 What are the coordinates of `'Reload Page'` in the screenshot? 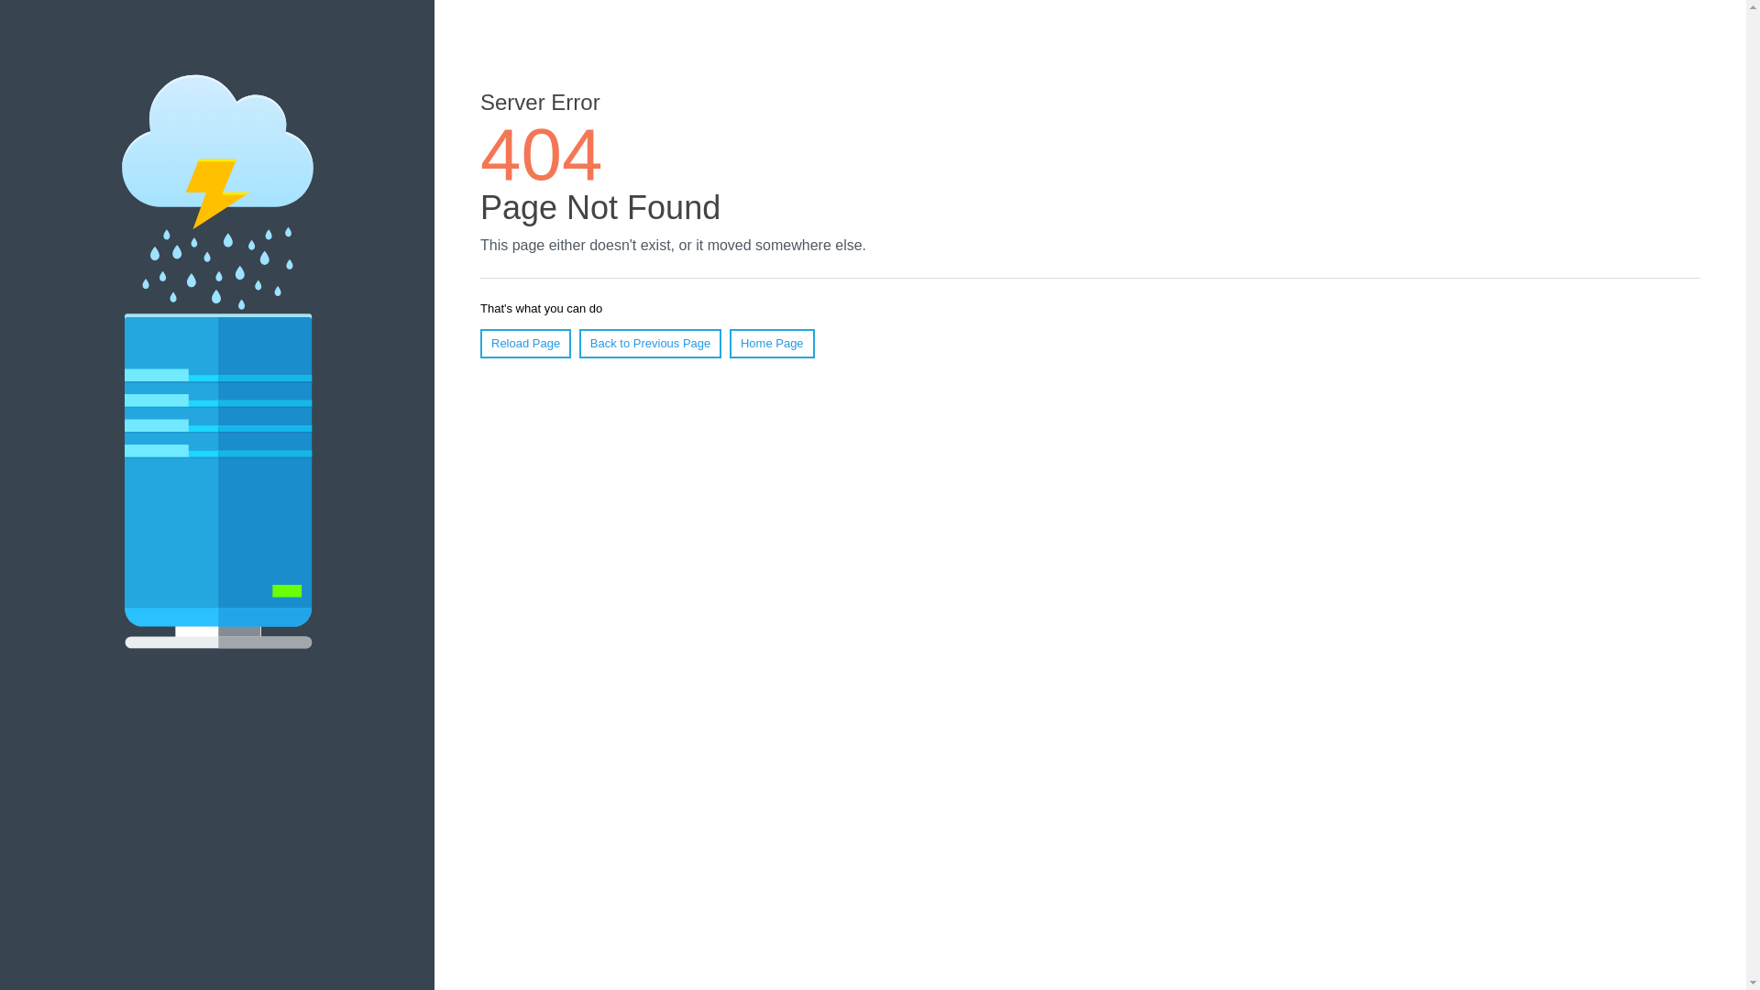 It's located at (524, 343).